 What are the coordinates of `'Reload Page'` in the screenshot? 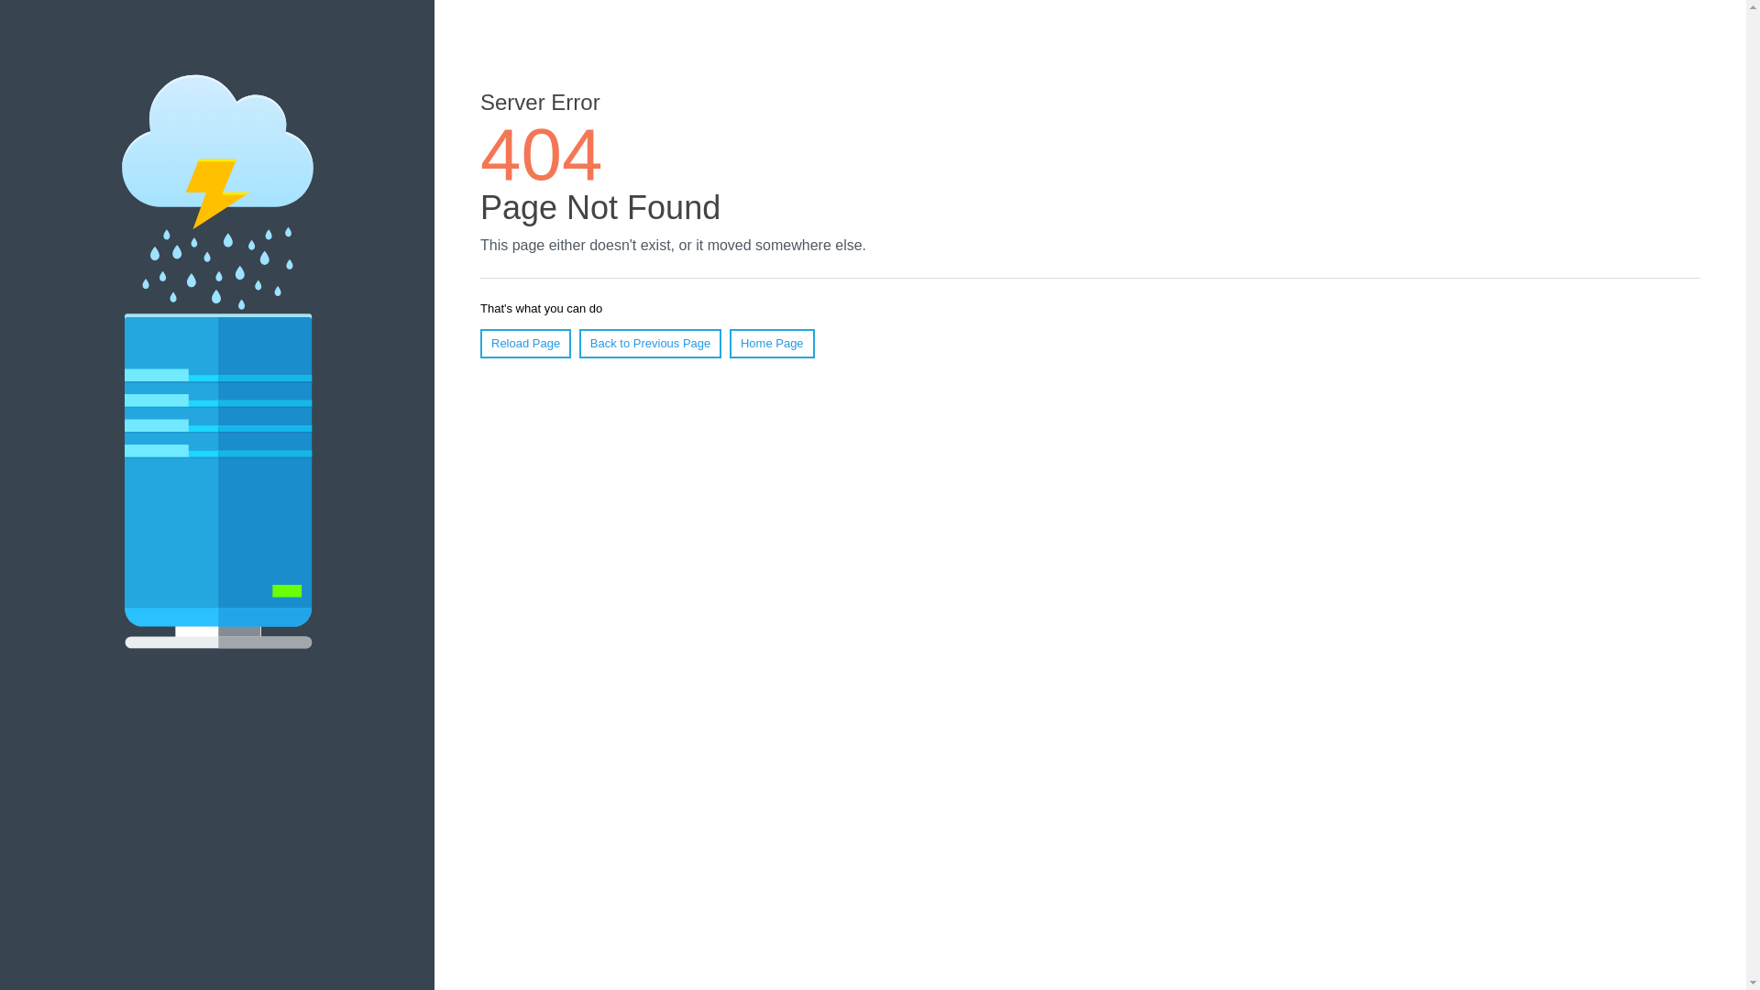 It's located at (524, 343).